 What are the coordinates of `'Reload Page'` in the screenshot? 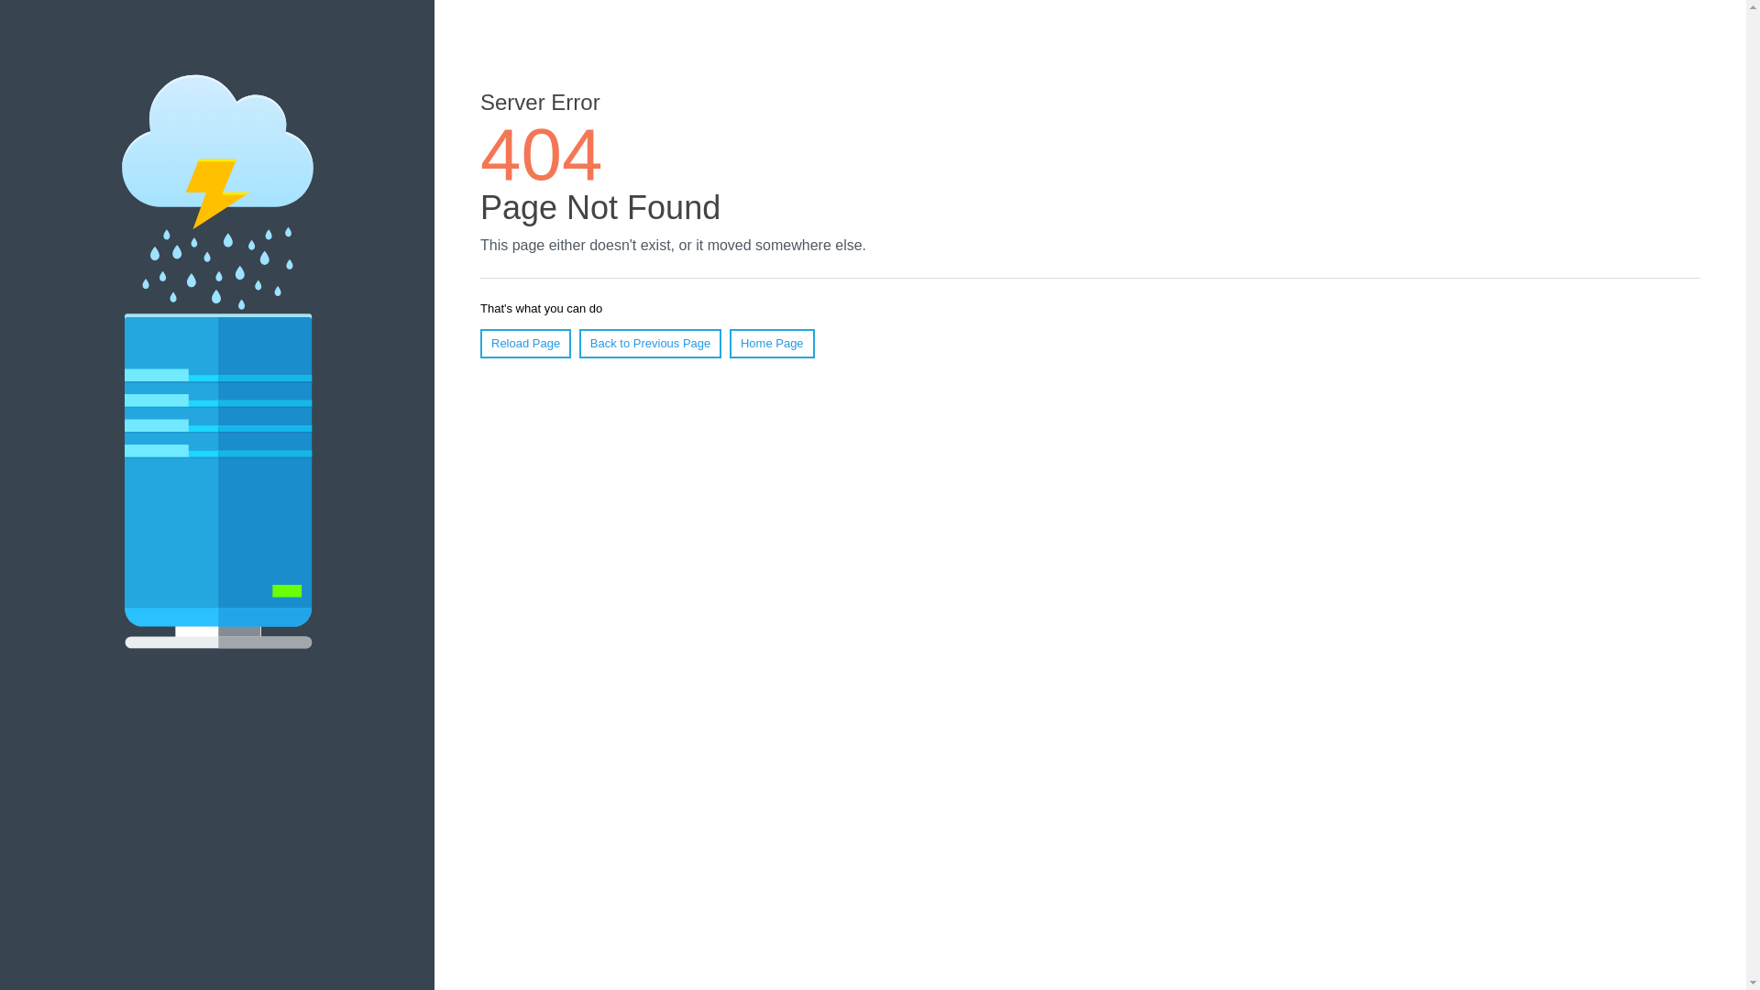 It's located at (524, 343).